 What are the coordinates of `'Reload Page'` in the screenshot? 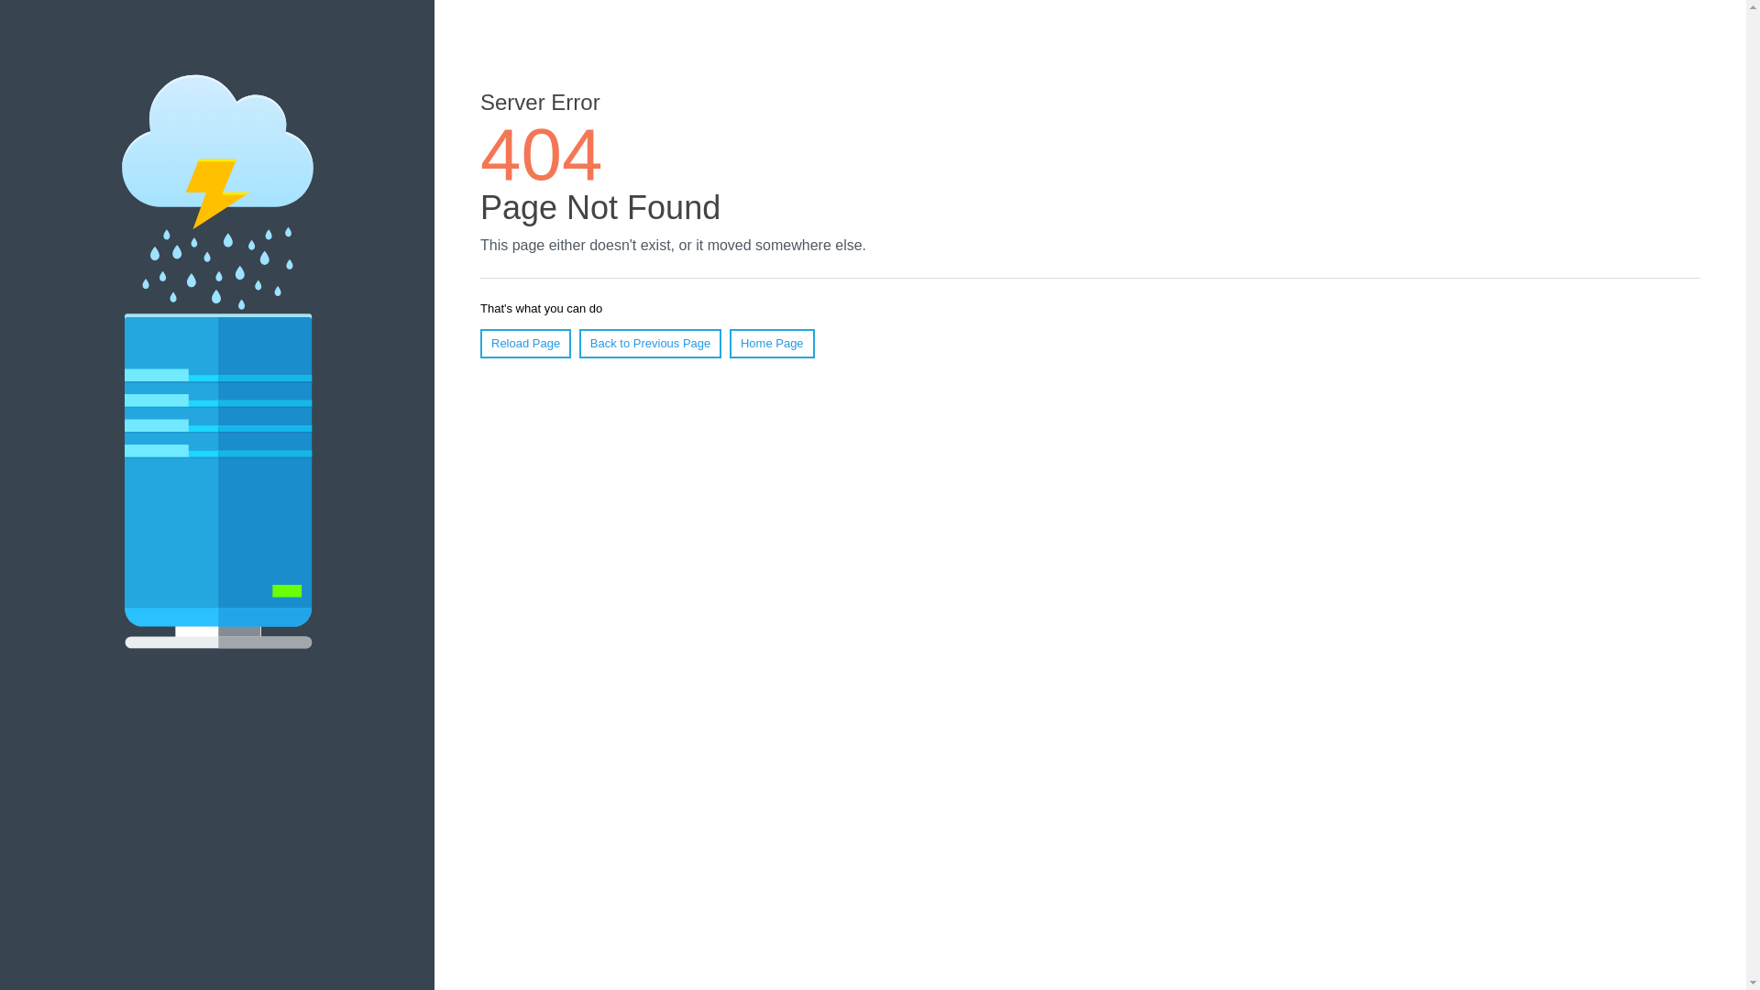 It's located at (524, 343).